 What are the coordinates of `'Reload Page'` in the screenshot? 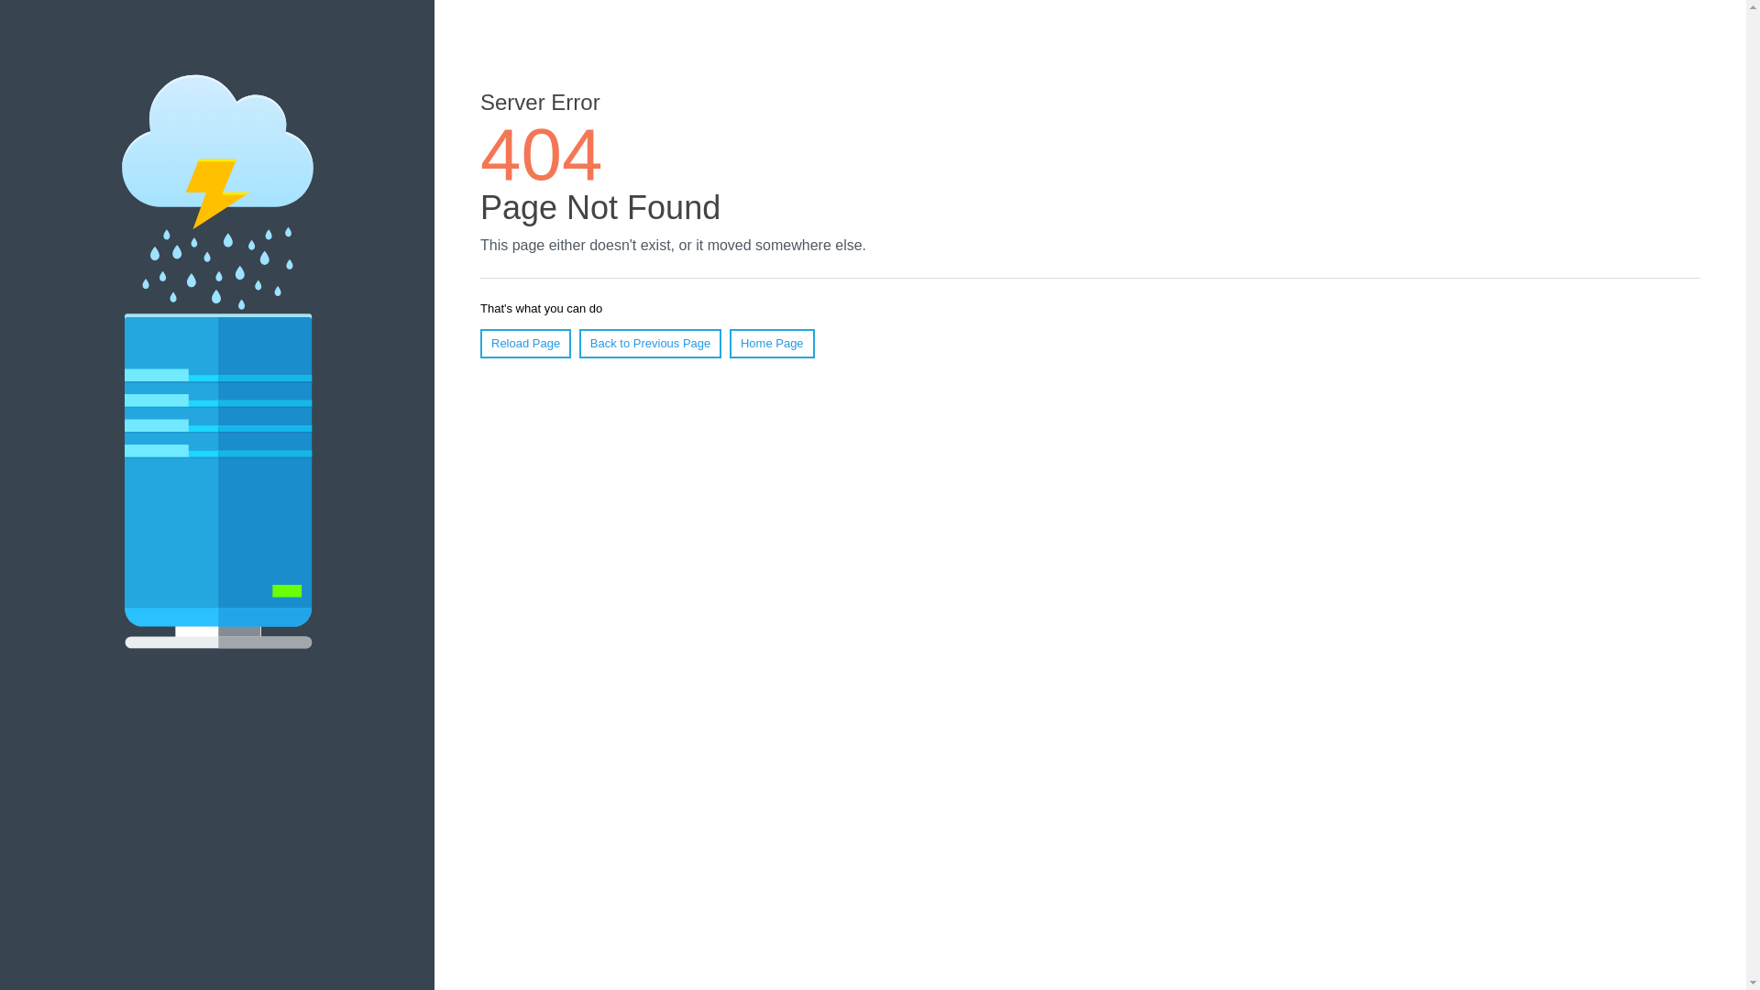 It's located at (524, 343).